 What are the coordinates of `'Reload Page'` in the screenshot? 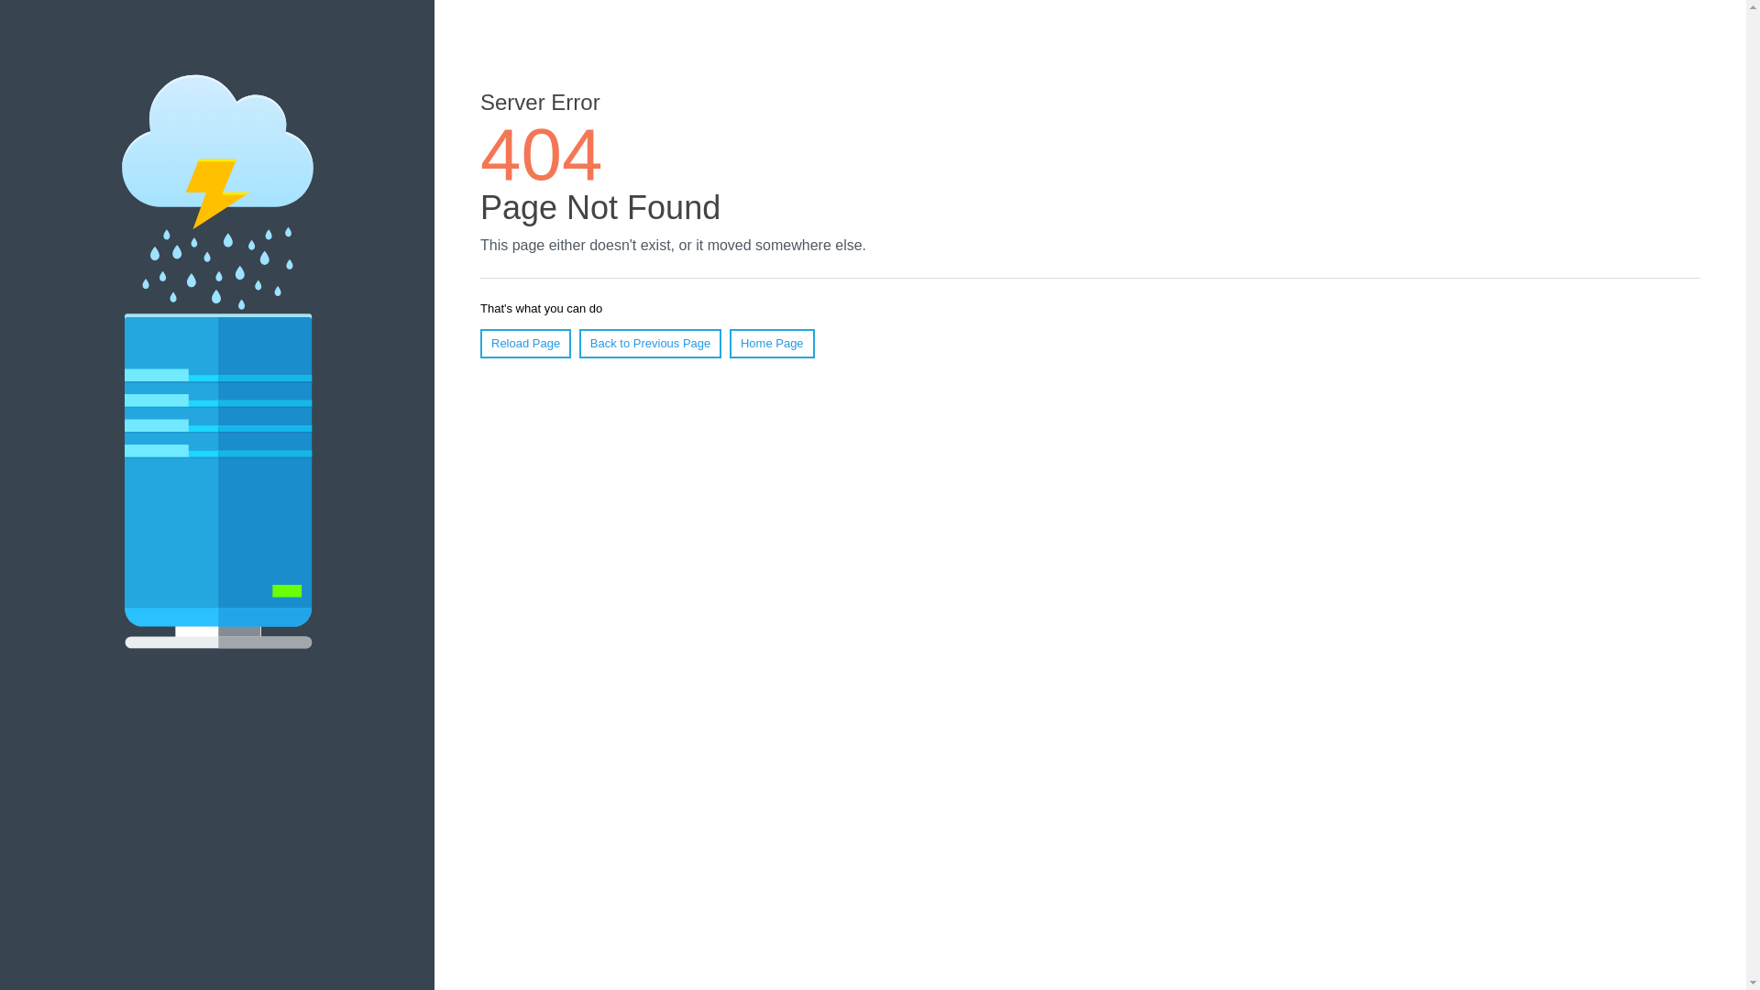 It's located at (524, 343).